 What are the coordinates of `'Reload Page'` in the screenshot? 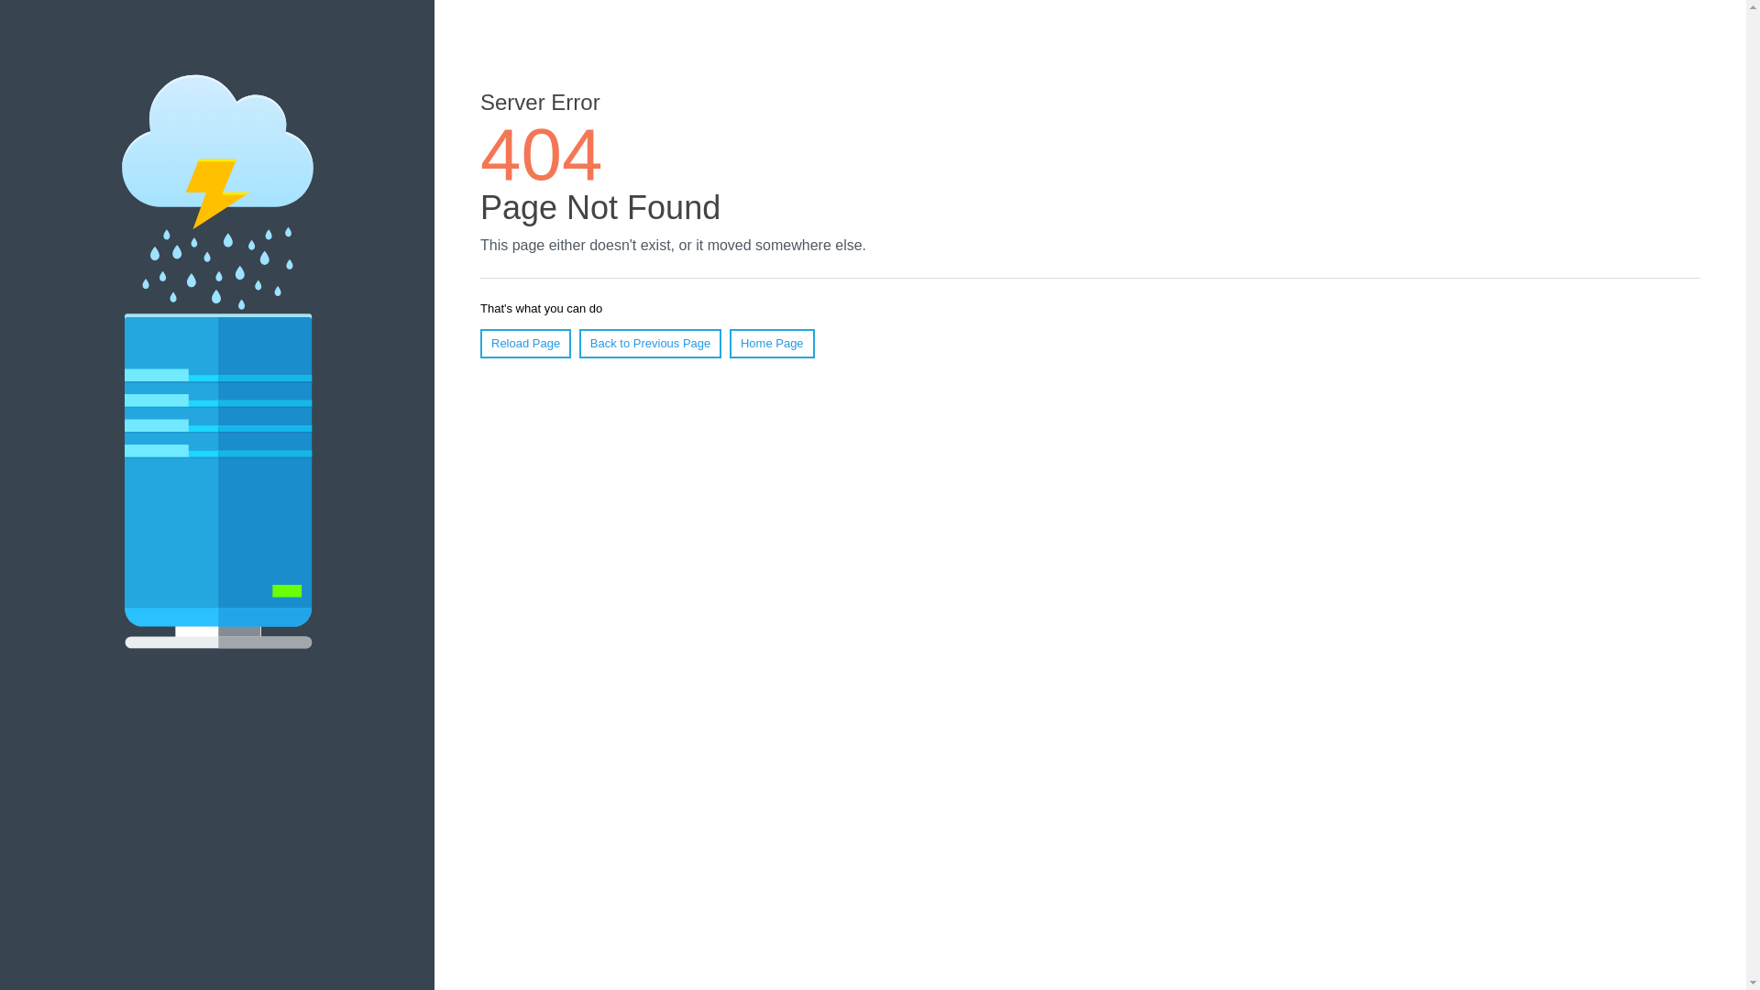 It's located at (524, 343).